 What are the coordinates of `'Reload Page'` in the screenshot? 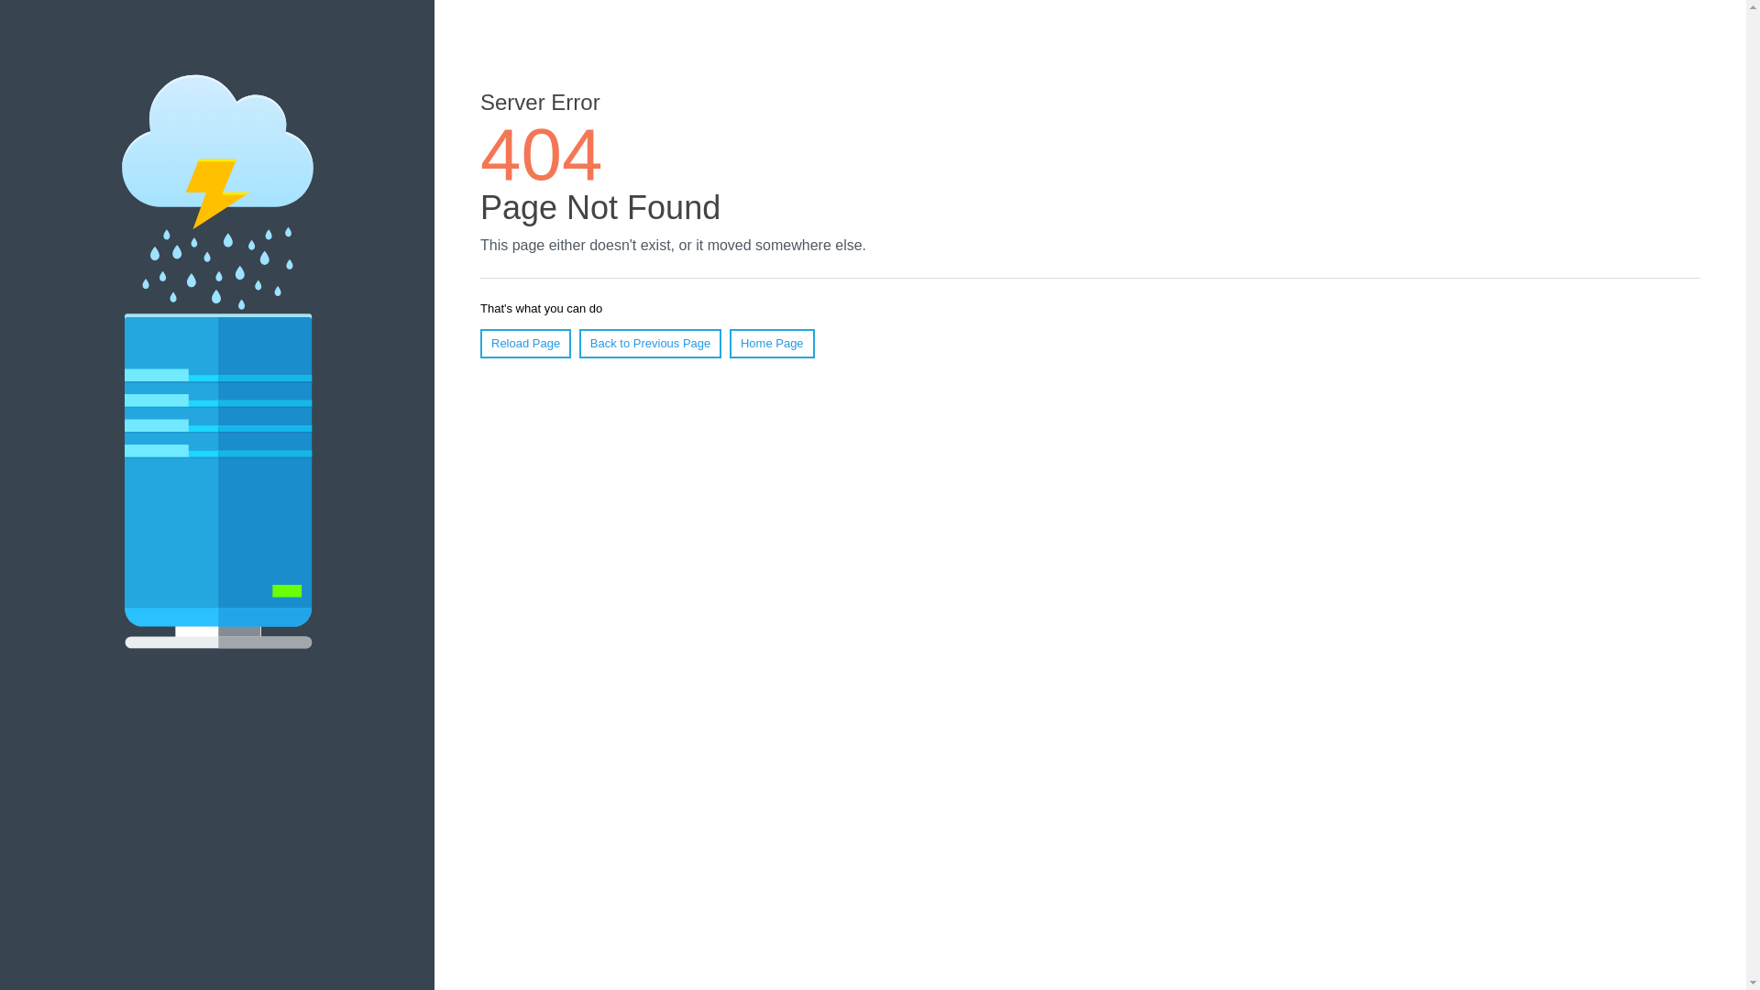 It's located at (524, 343).